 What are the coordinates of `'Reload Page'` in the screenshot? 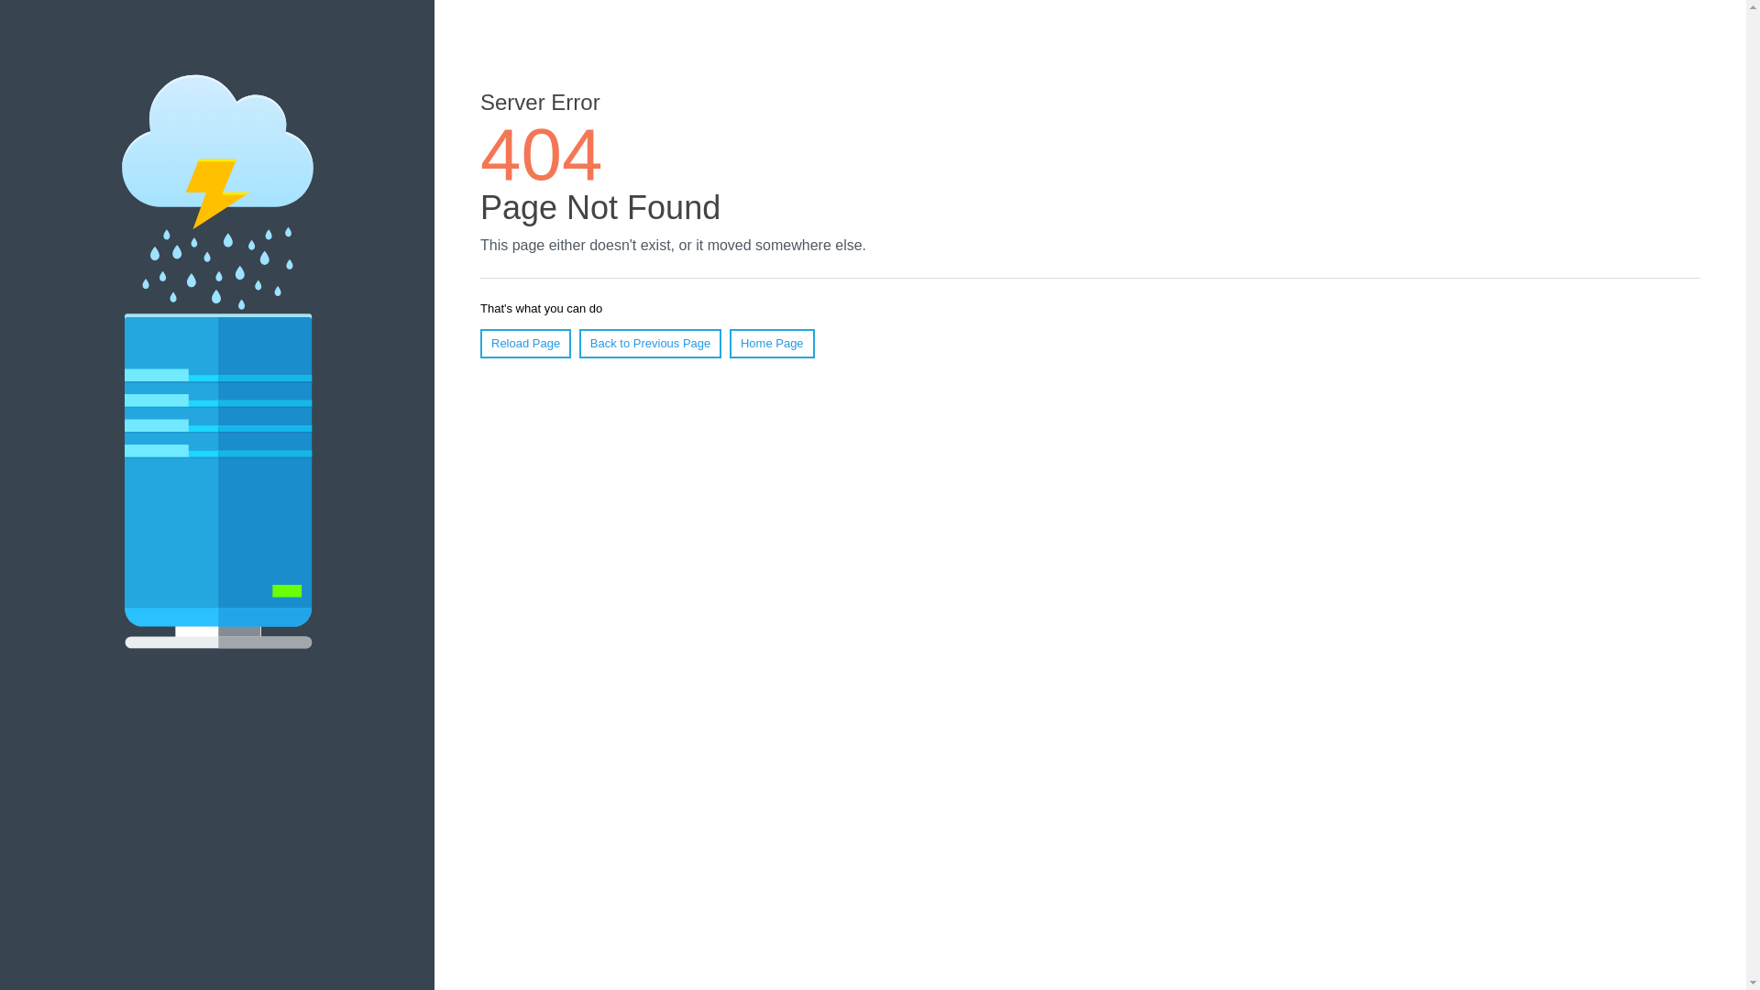 It's located at (524, 343).